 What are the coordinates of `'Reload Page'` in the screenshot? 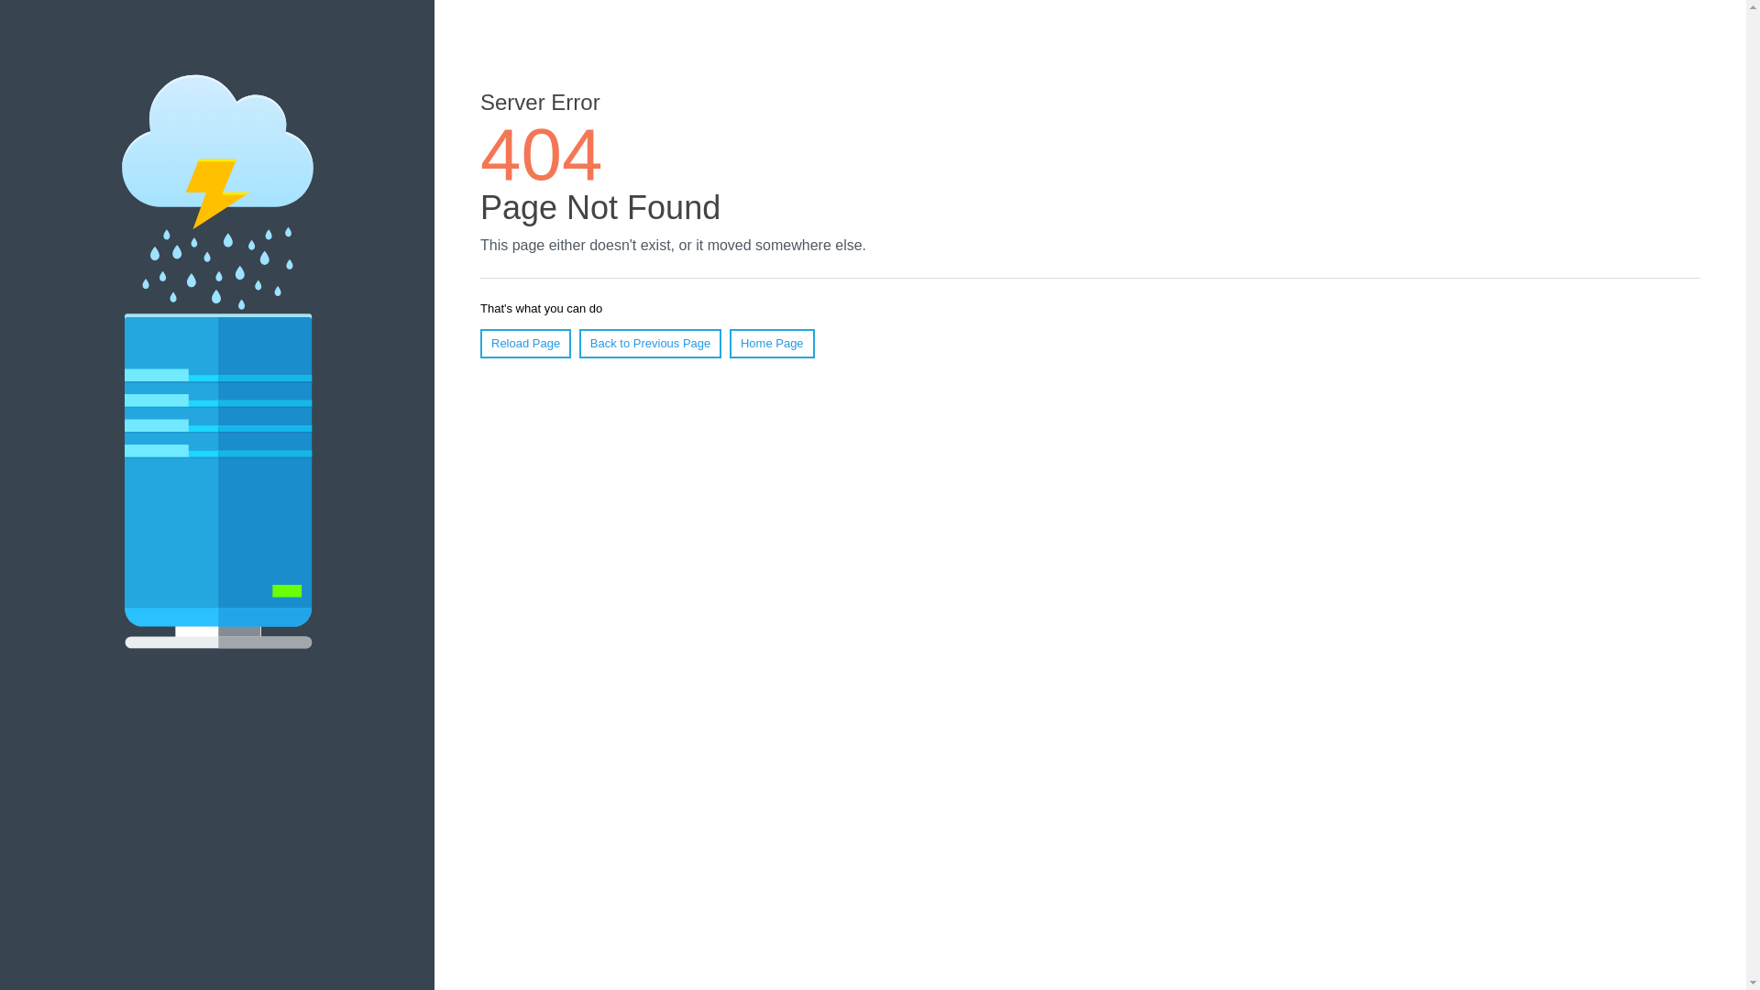 It's located at (524, 343).